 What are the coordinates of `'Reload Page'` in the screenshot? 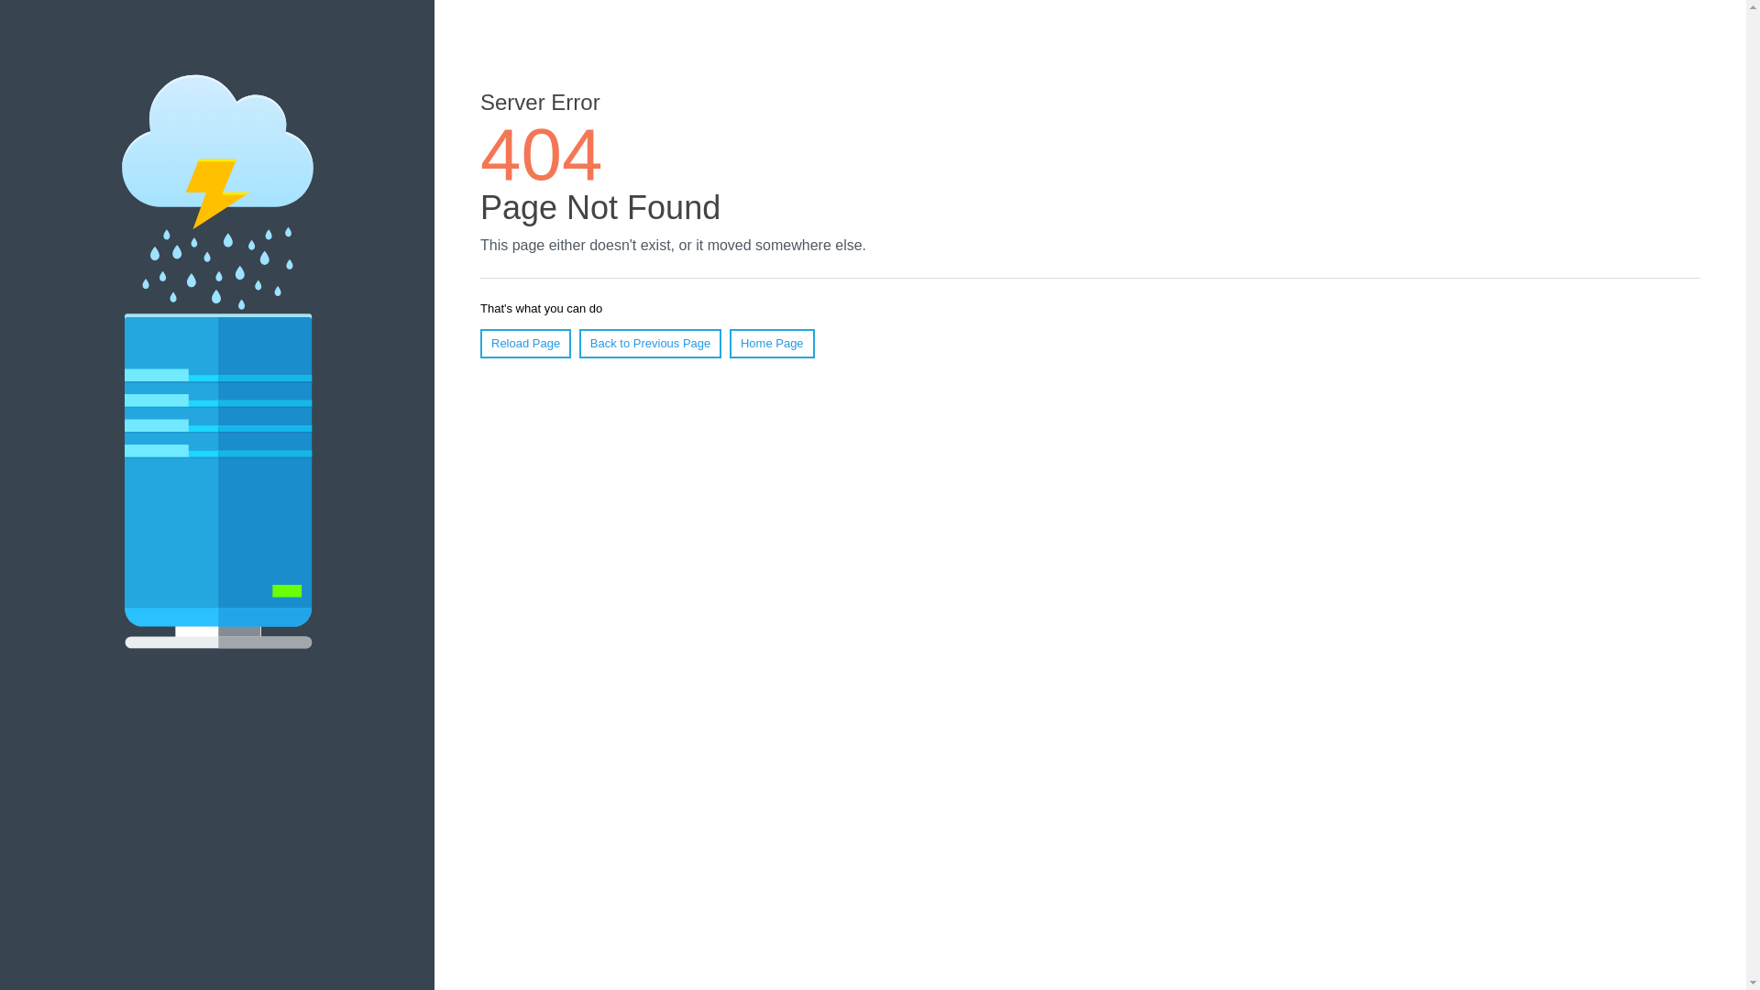 It's located at (524, 343).